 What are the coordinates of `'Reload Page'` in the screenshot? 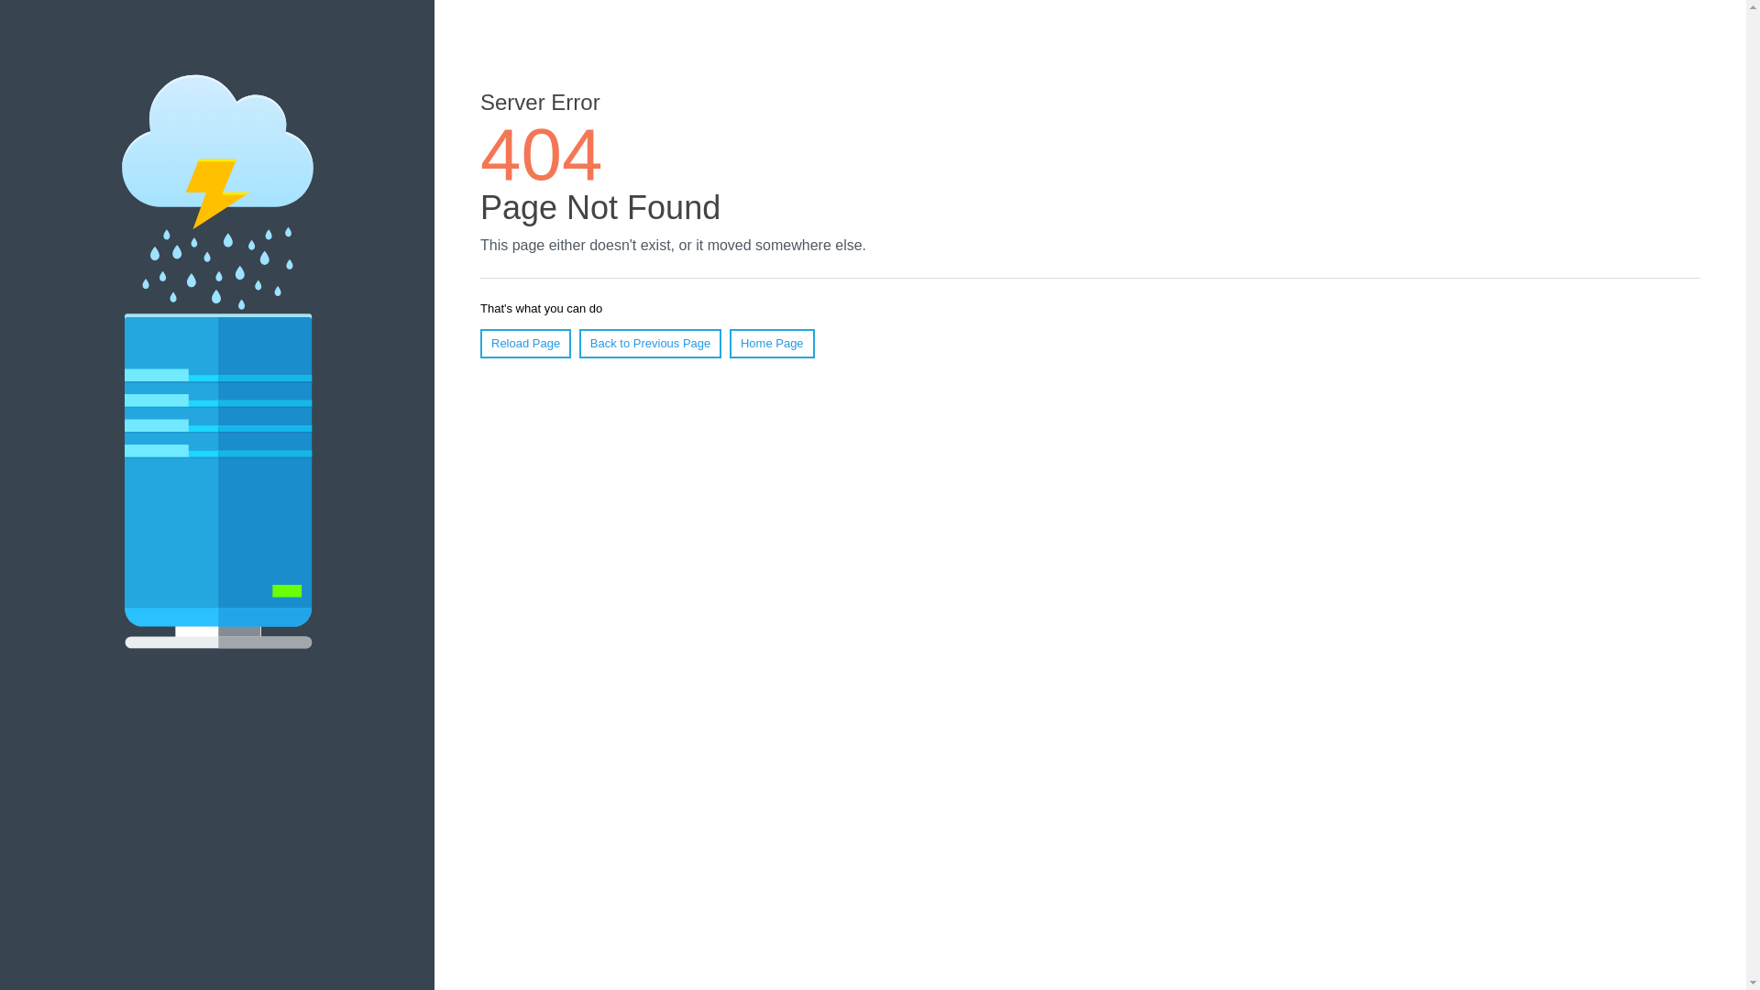 It's located at (524, 343).